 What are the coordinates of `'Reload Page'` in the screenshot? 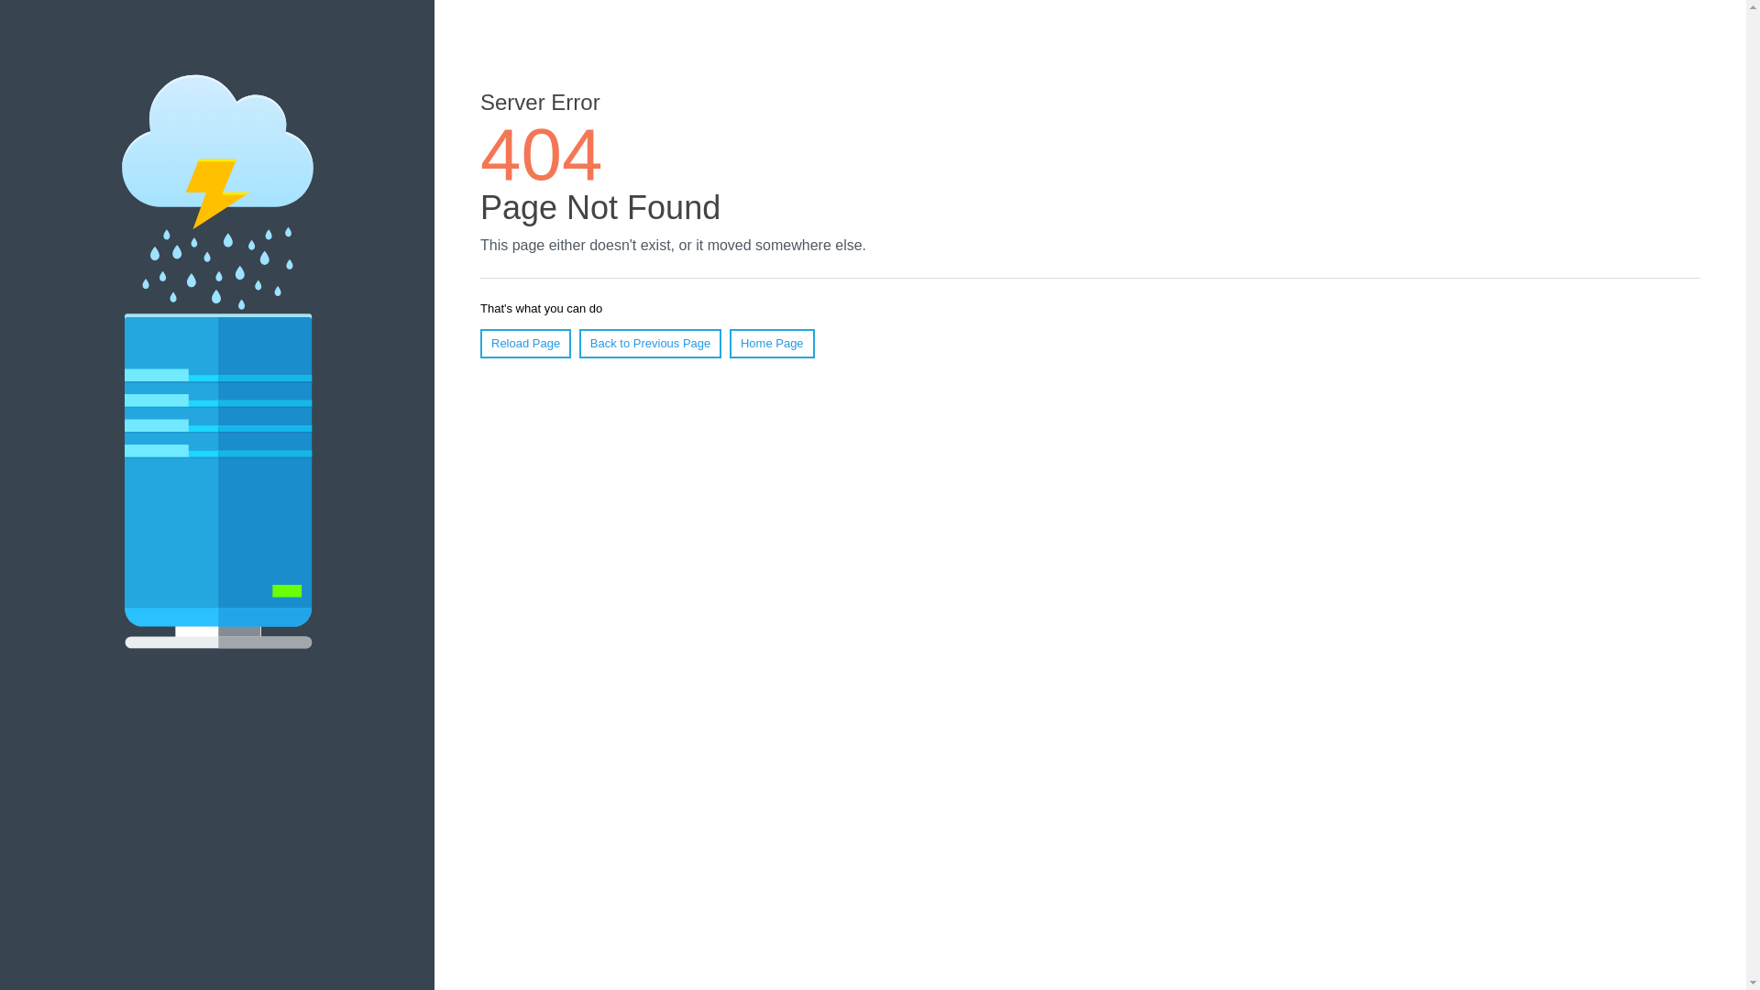 It's located at (524, 343).